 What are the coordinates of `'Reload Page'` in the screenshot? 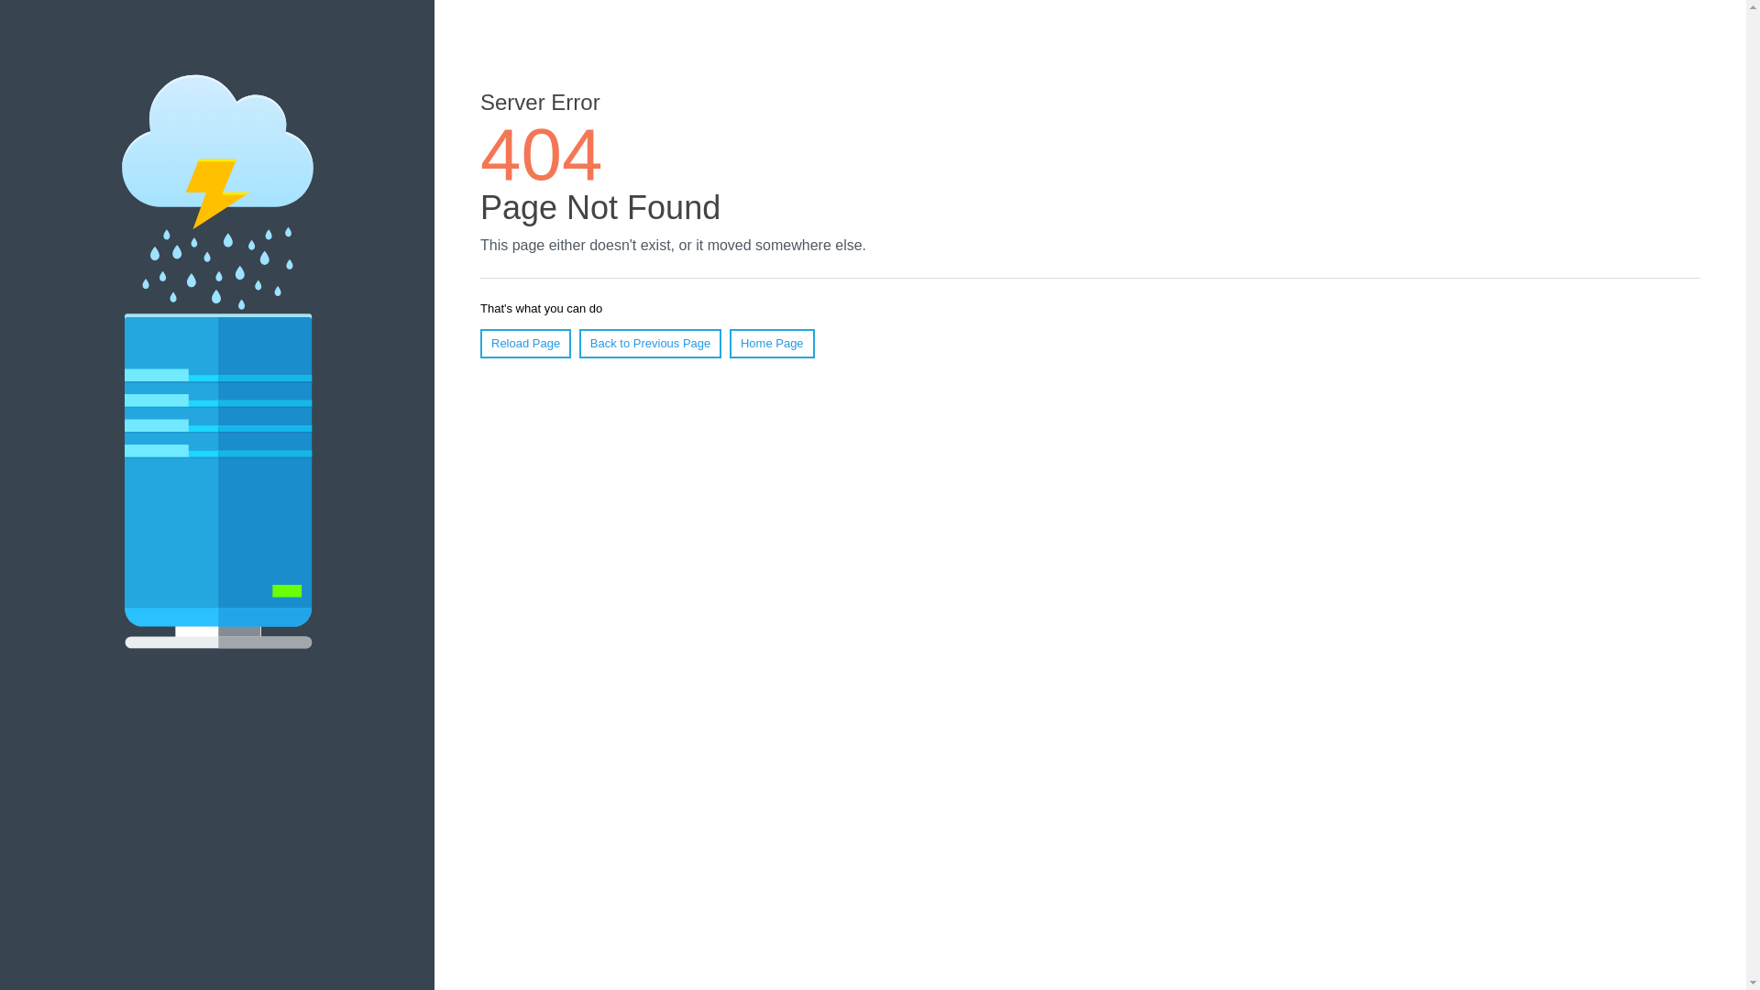 It's located at (524, 343).